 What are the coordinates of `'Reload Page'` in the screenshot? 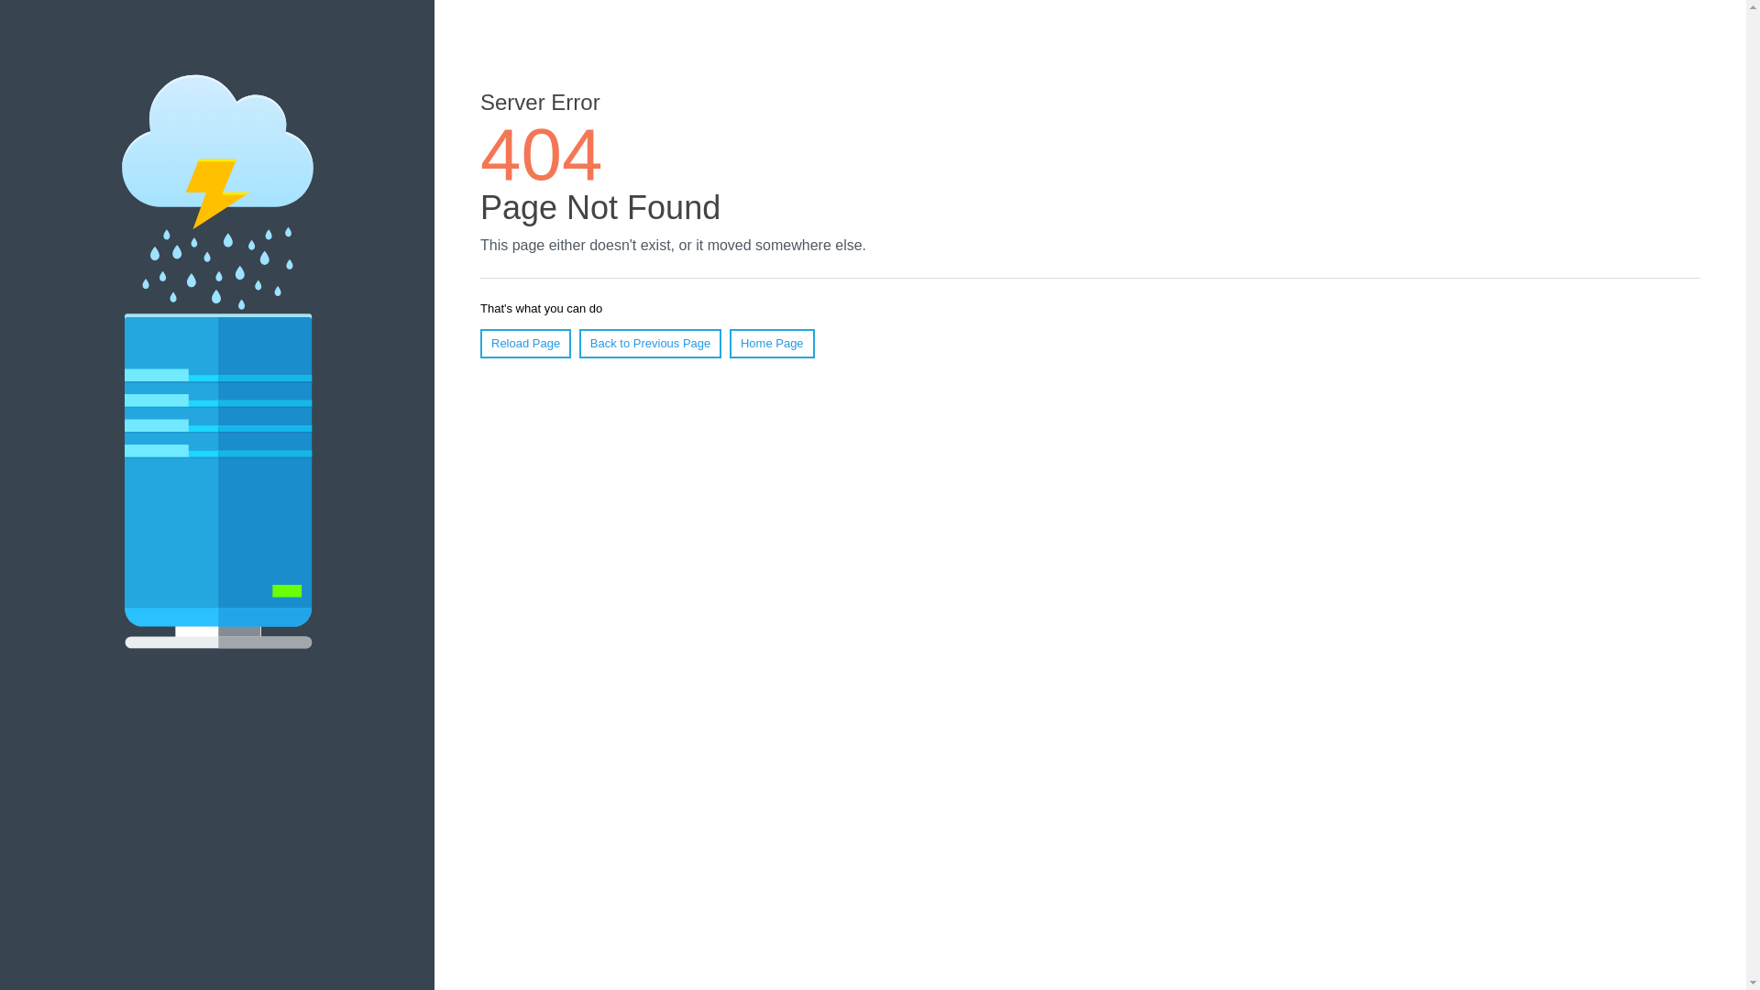 It's located at (524, 343).